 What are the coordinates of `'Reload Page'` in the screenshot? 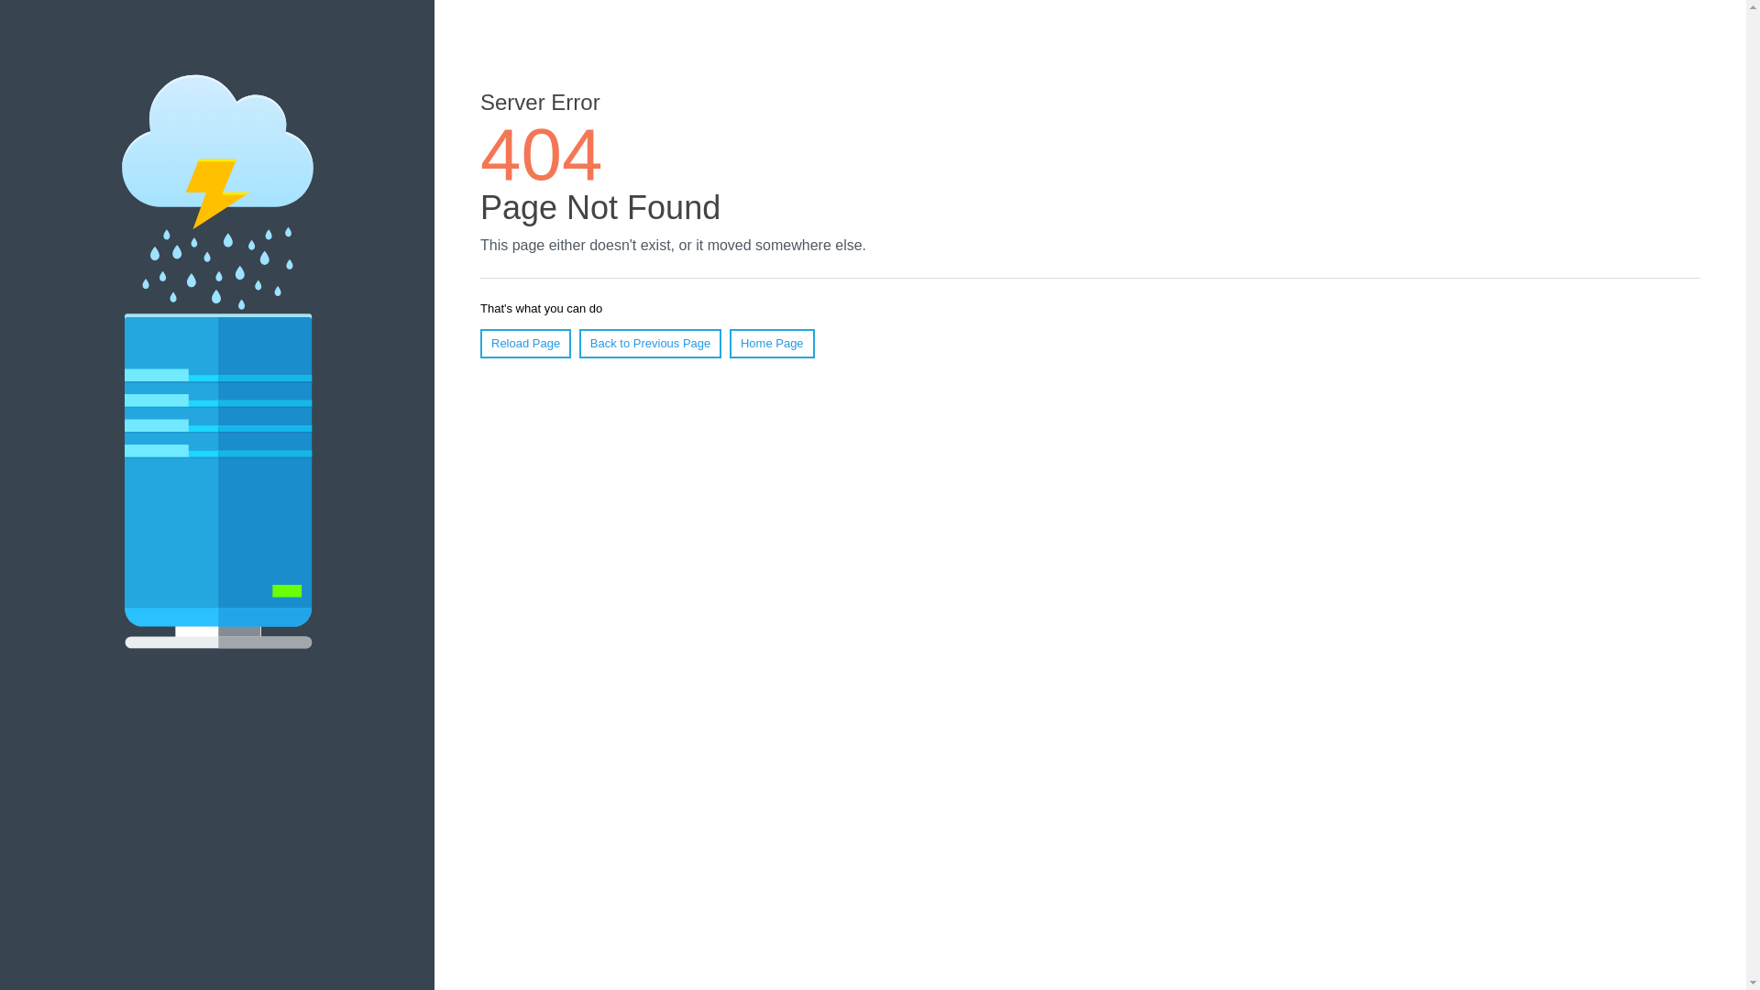 It's located at (524, 343).